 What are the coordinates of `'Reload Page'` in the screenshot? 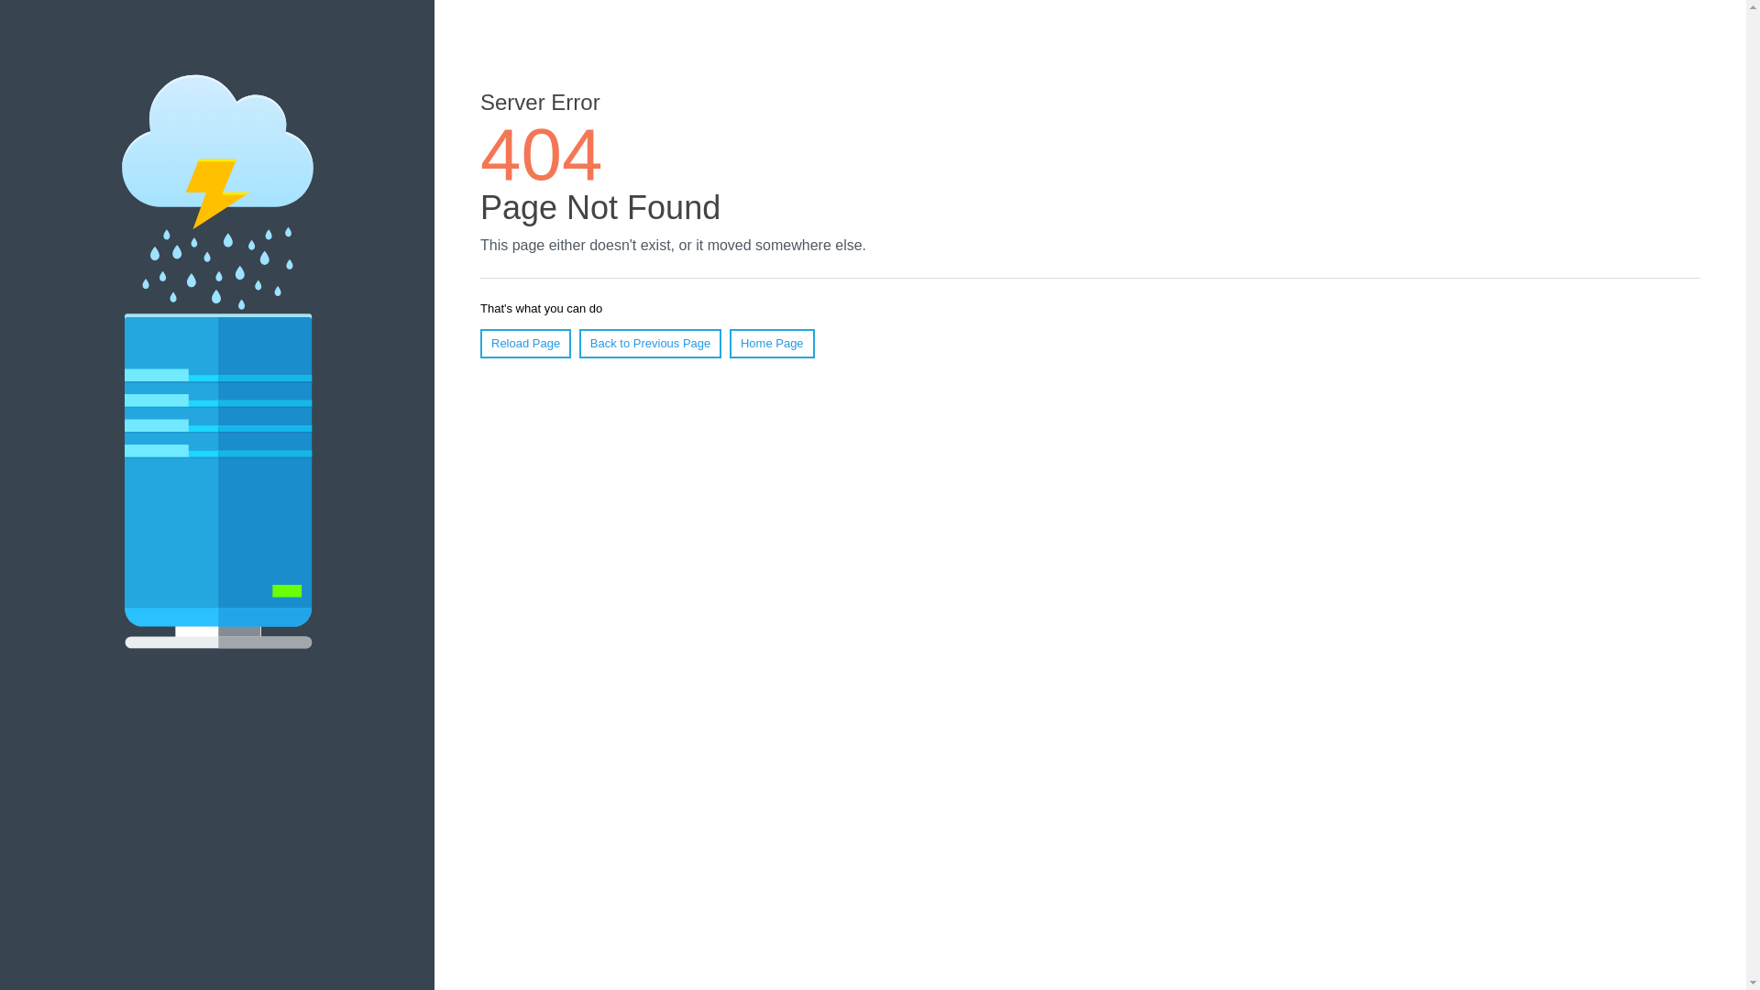 It's located at (524, 343).